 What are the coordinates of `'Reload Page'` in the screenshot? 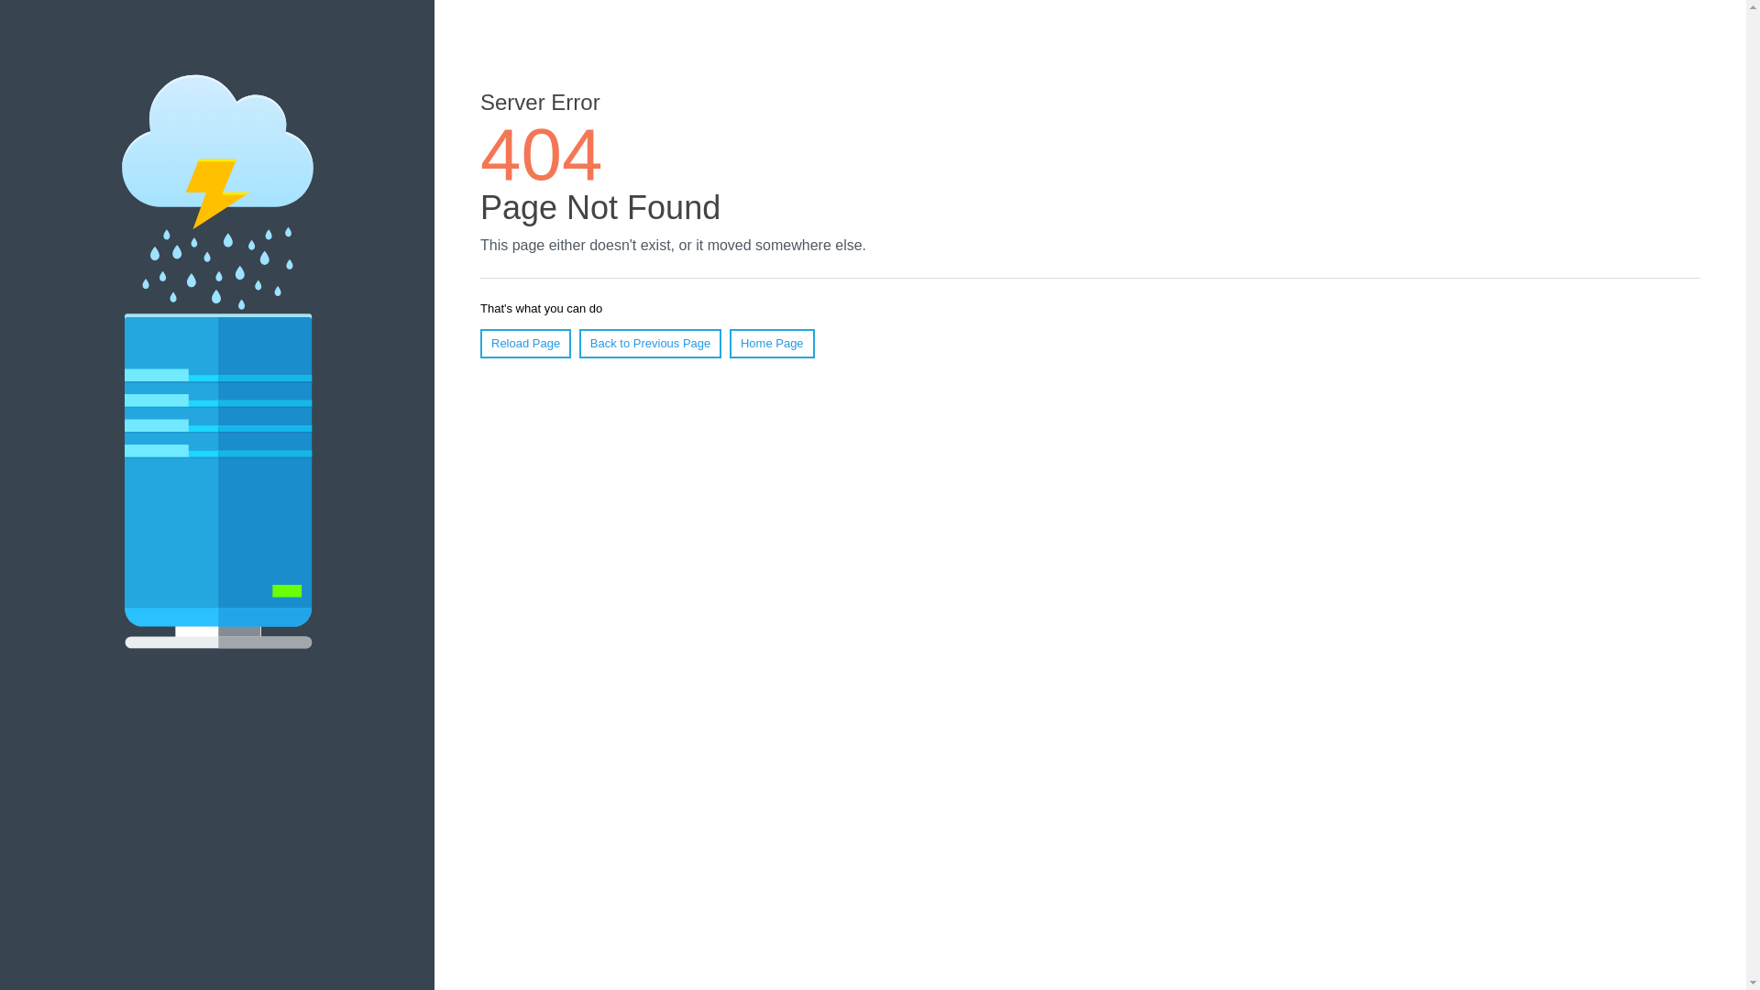 It's located at (524, 343).